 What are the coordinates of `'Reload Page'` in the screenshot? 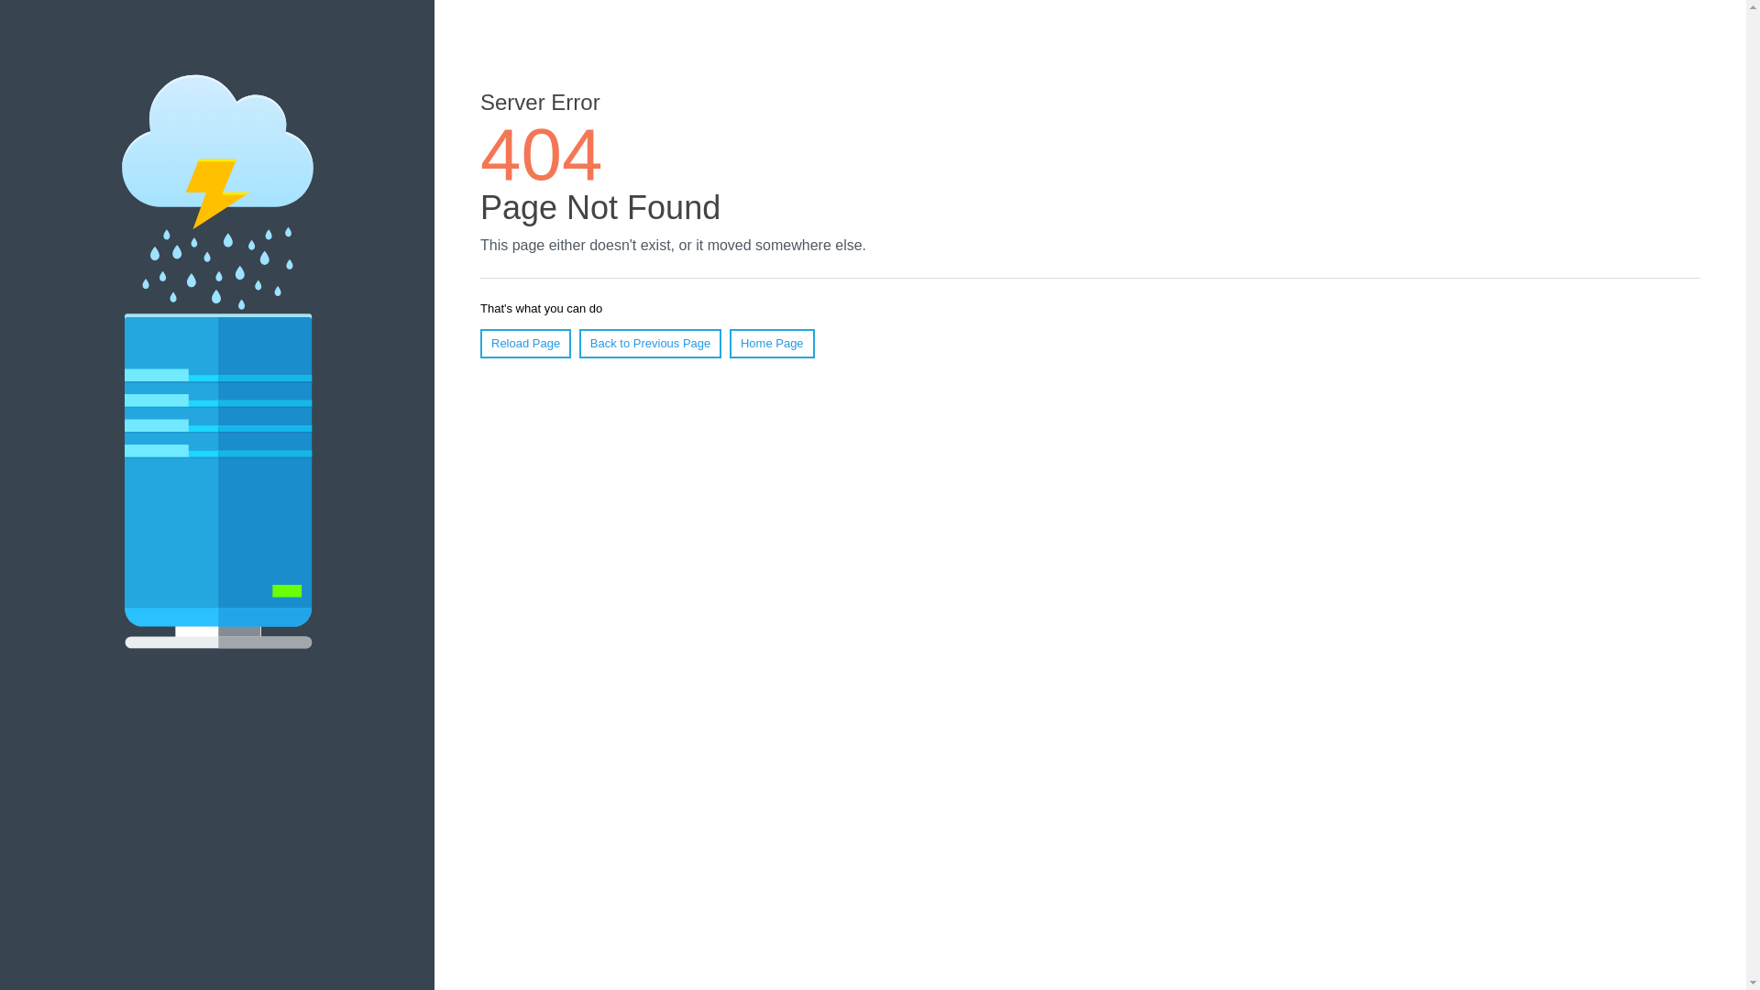 It's located at (524, 343).